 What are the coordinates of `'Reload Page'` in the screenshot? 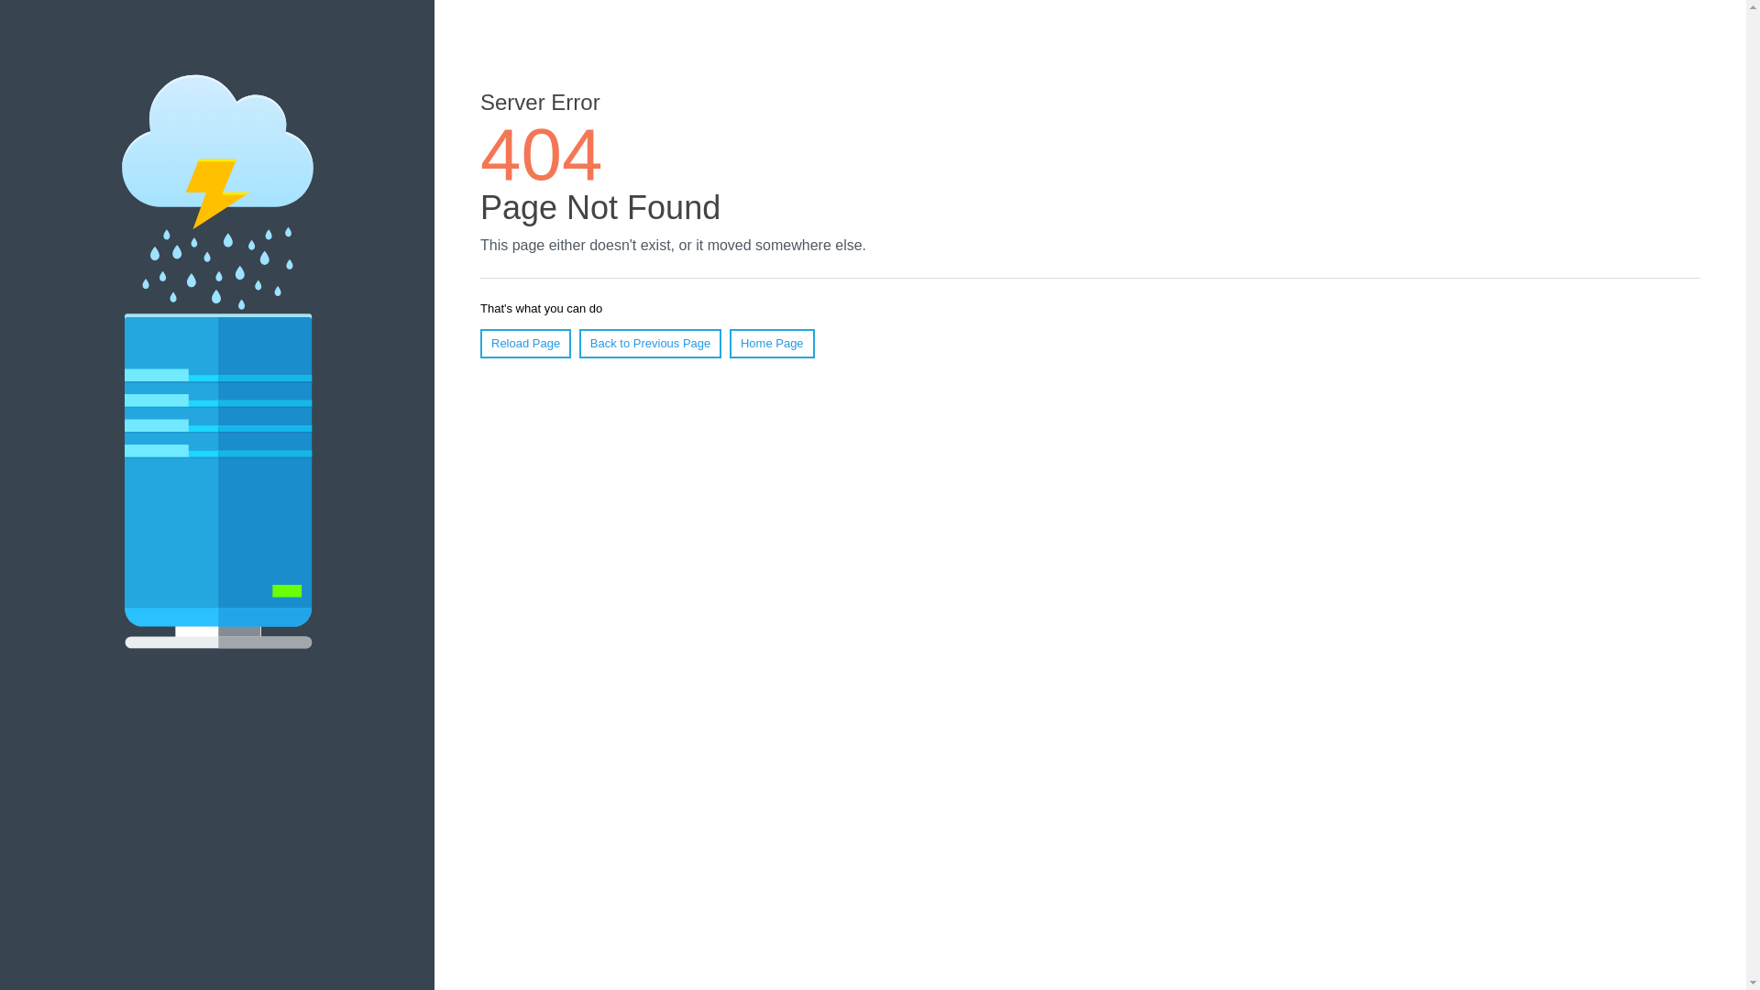 It's located at (524, 343).